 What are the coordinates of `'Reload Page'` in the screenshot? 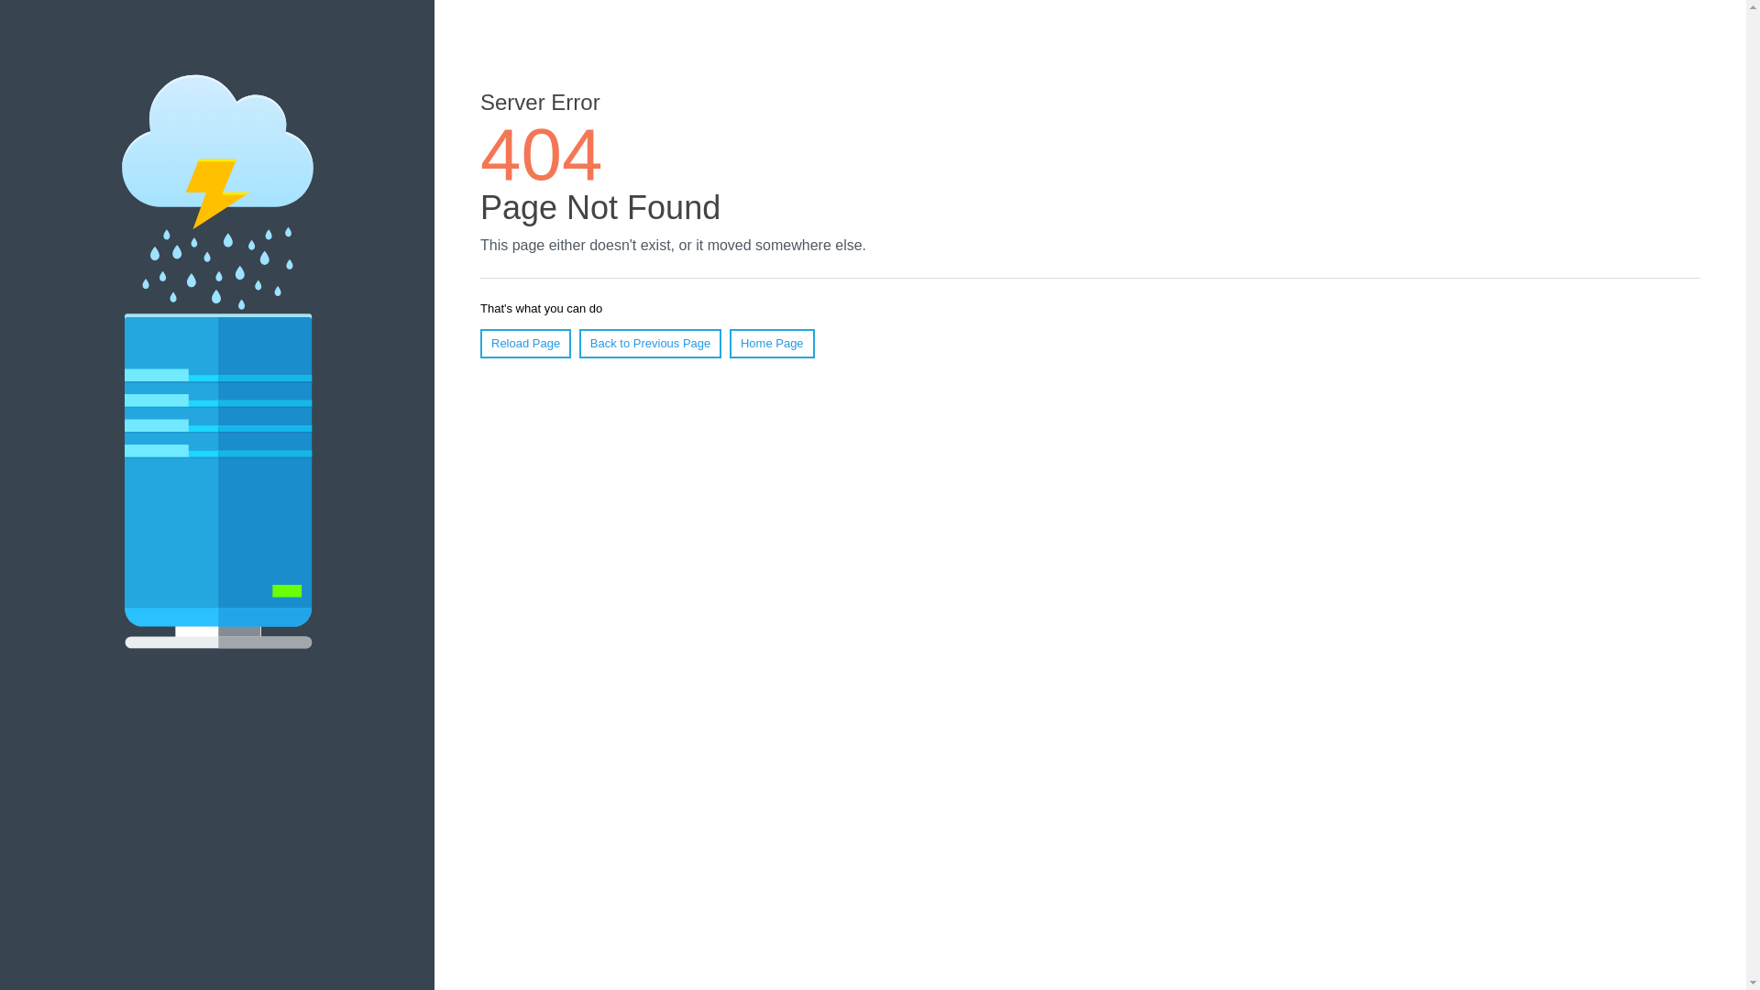 It's located at (524, 343).